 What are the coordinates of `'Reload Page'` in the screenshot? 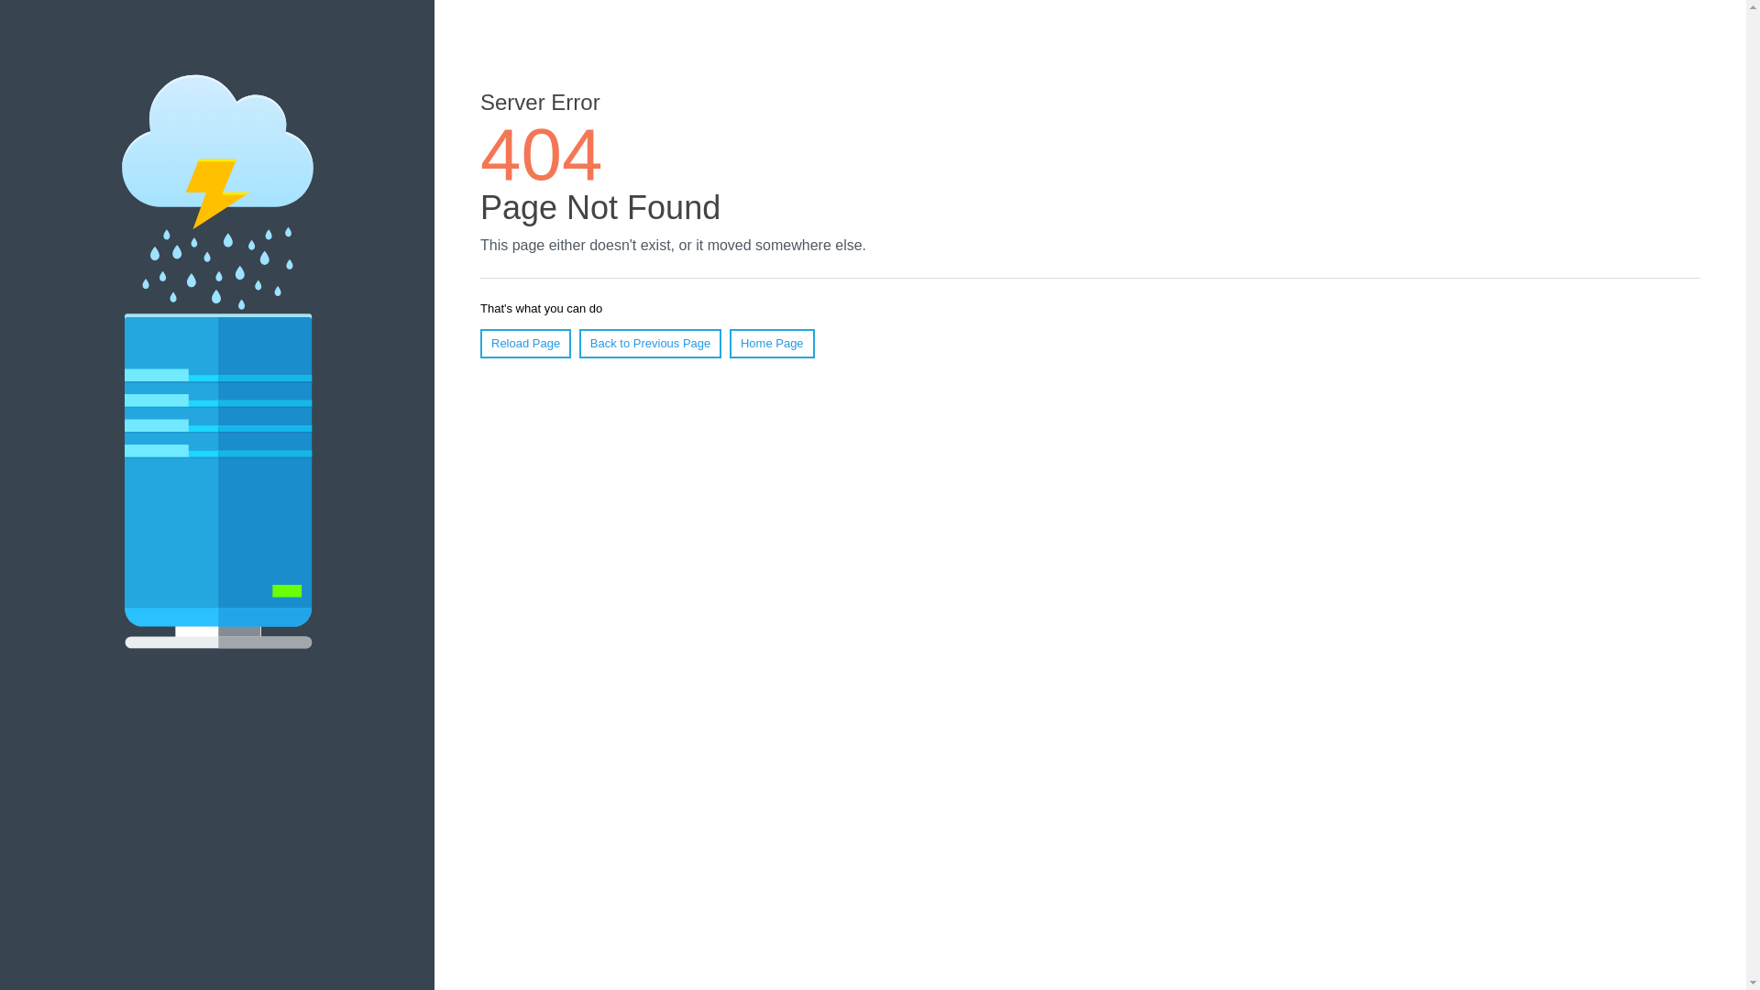 It's located at (524, 343).